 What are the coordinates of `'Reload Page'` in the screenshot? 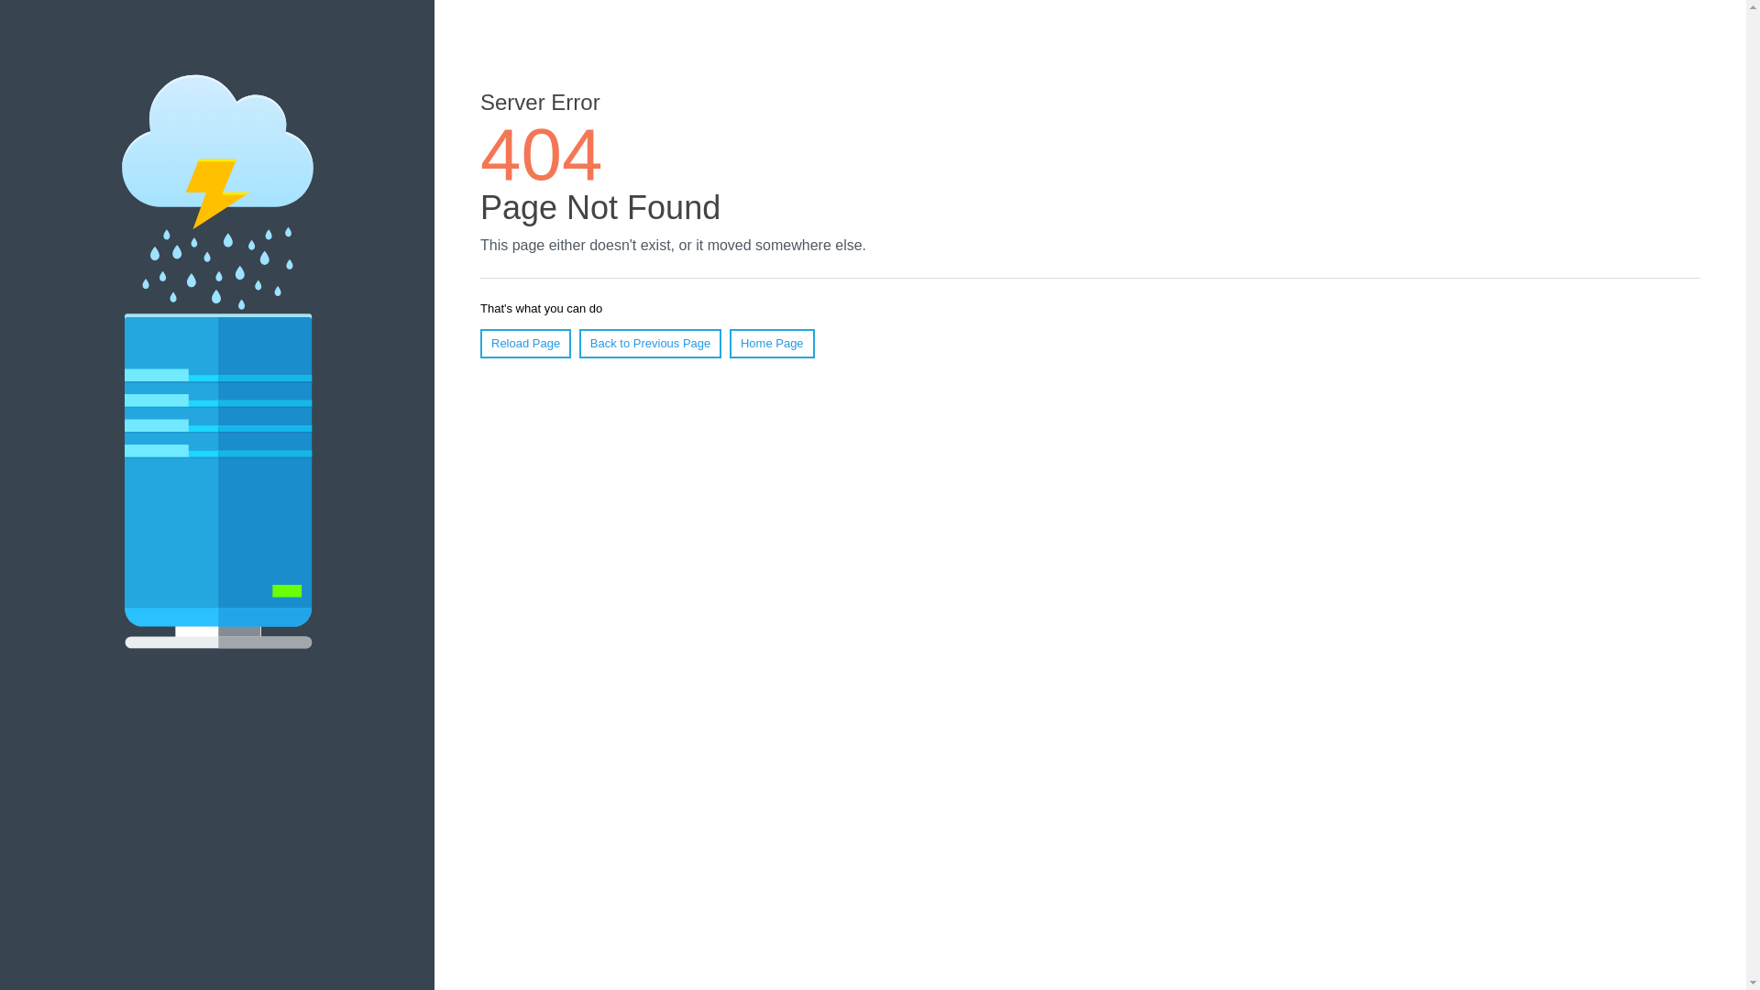 It's located at (524, 343).